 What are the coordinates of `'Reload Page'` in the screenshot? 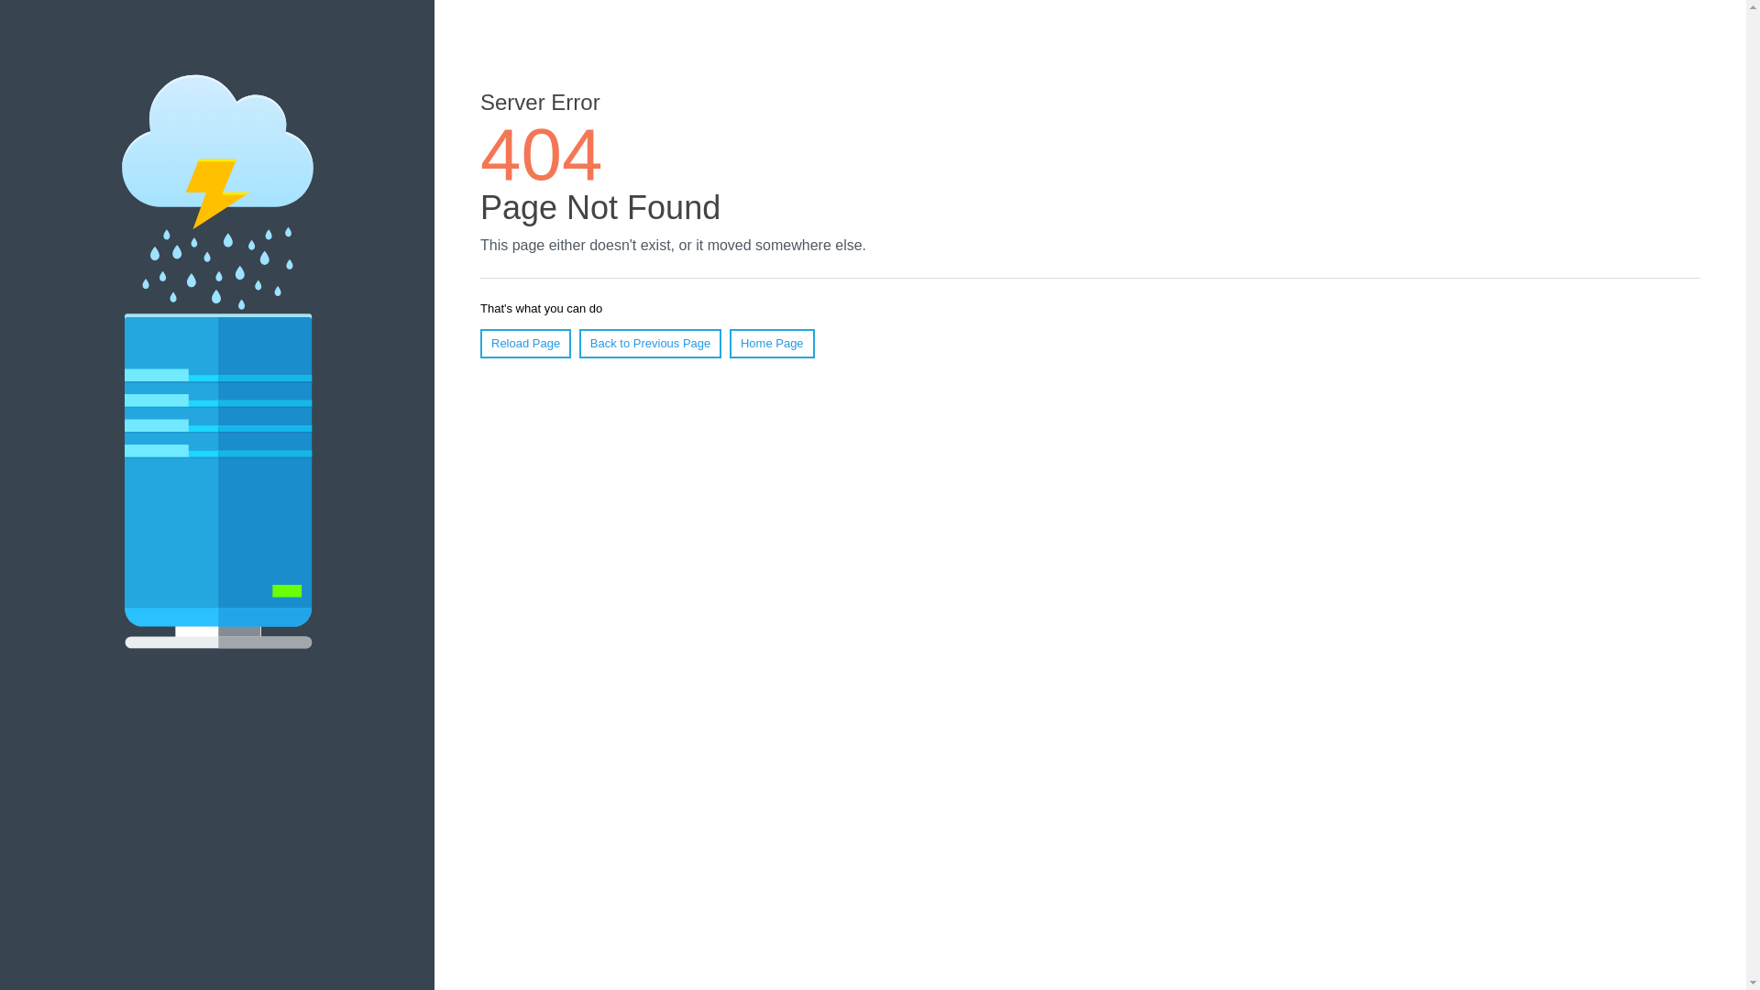 It's located at (524, 343).